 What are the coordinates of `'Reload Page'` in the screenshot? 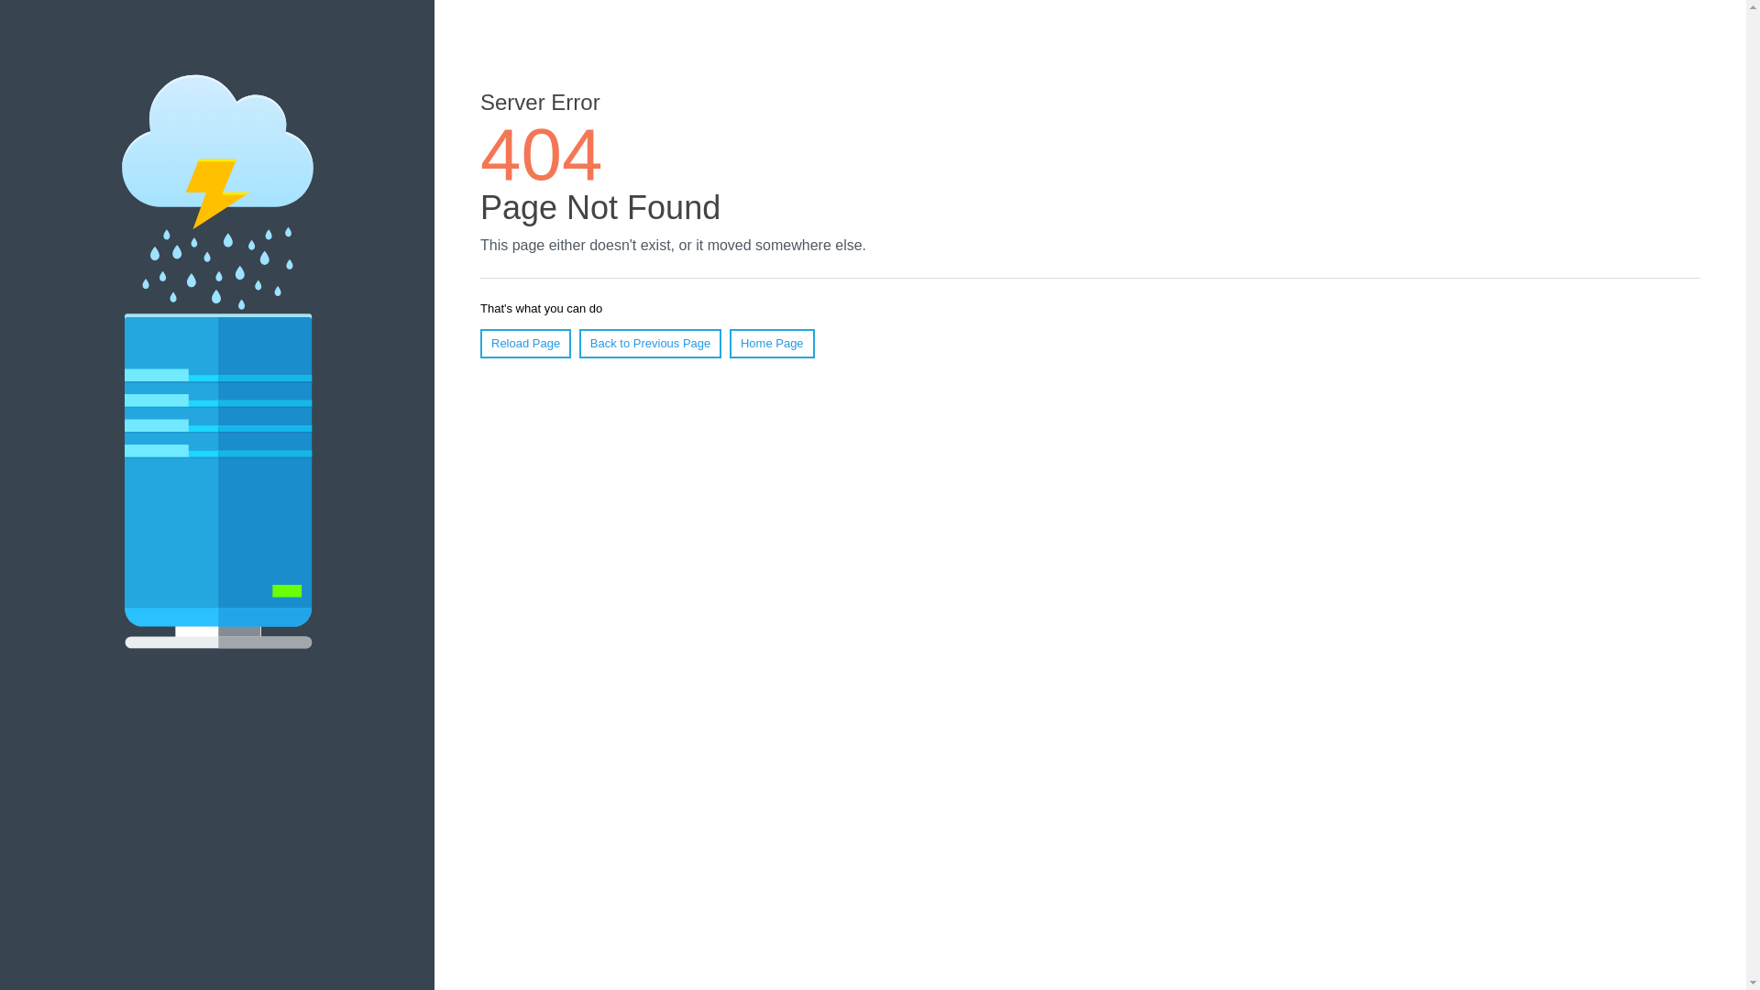 It's located at (524, 343).